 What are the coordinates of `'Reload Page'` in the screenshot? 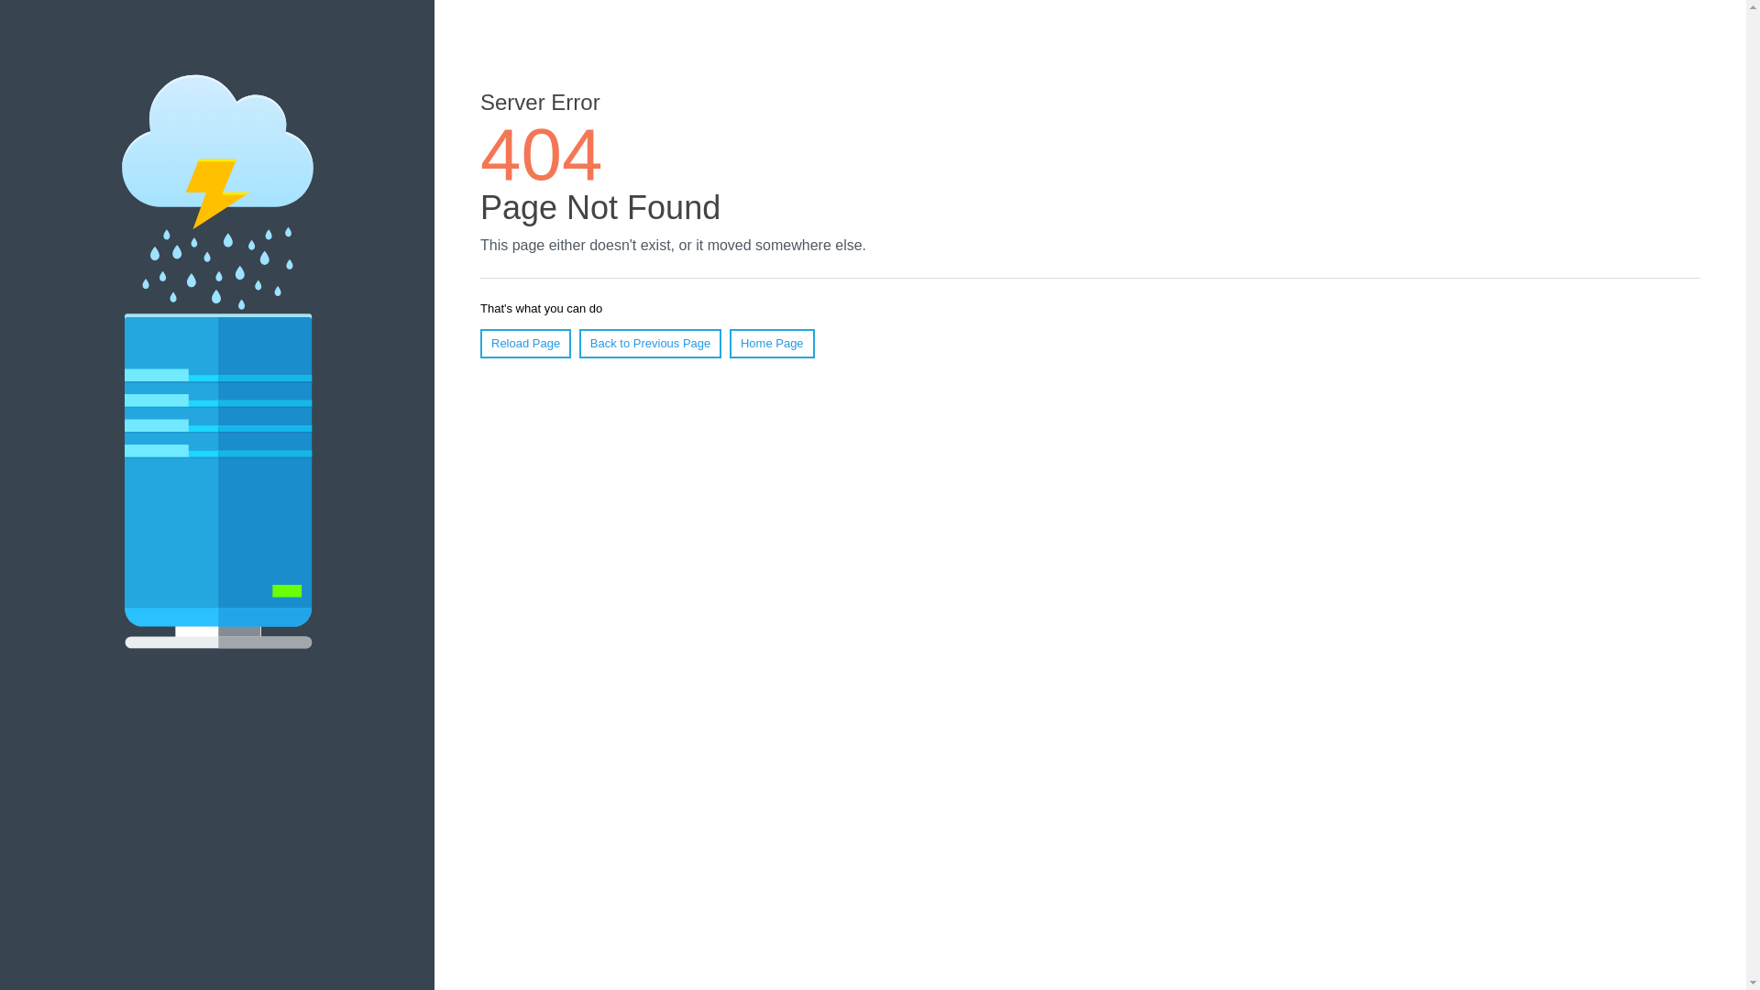 It's located at (524, 343).